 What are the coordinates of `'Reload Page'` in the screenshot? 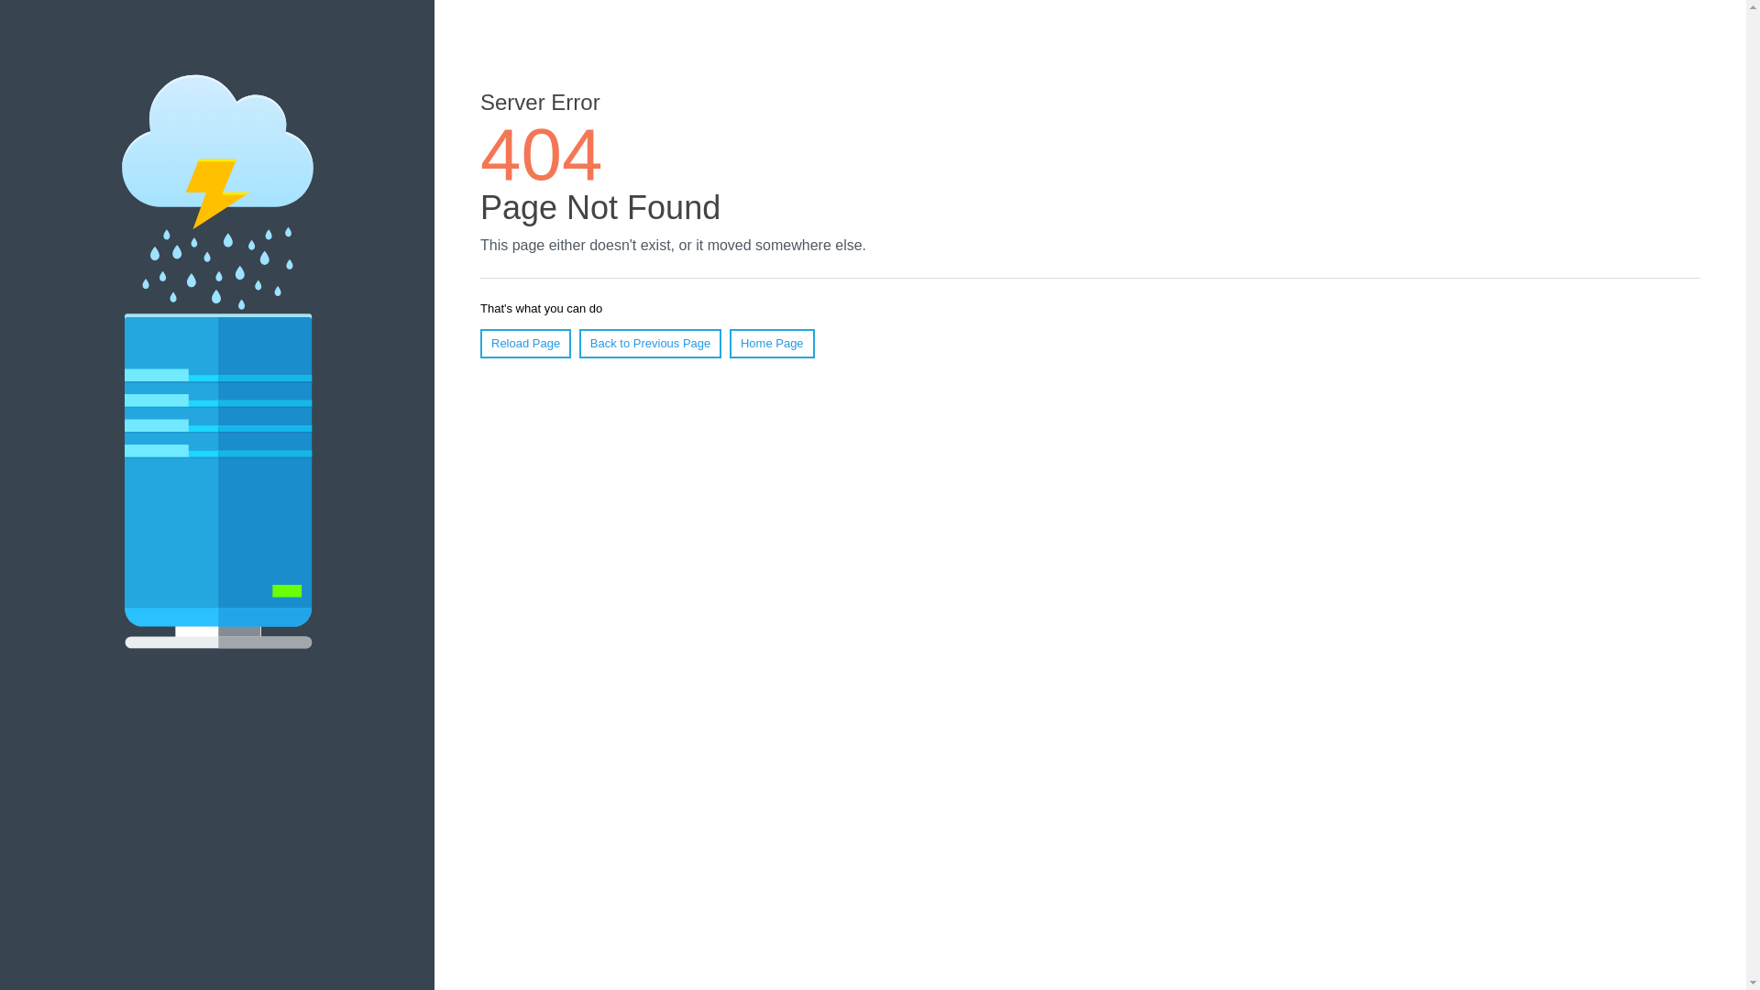 It's located at (524, 343).